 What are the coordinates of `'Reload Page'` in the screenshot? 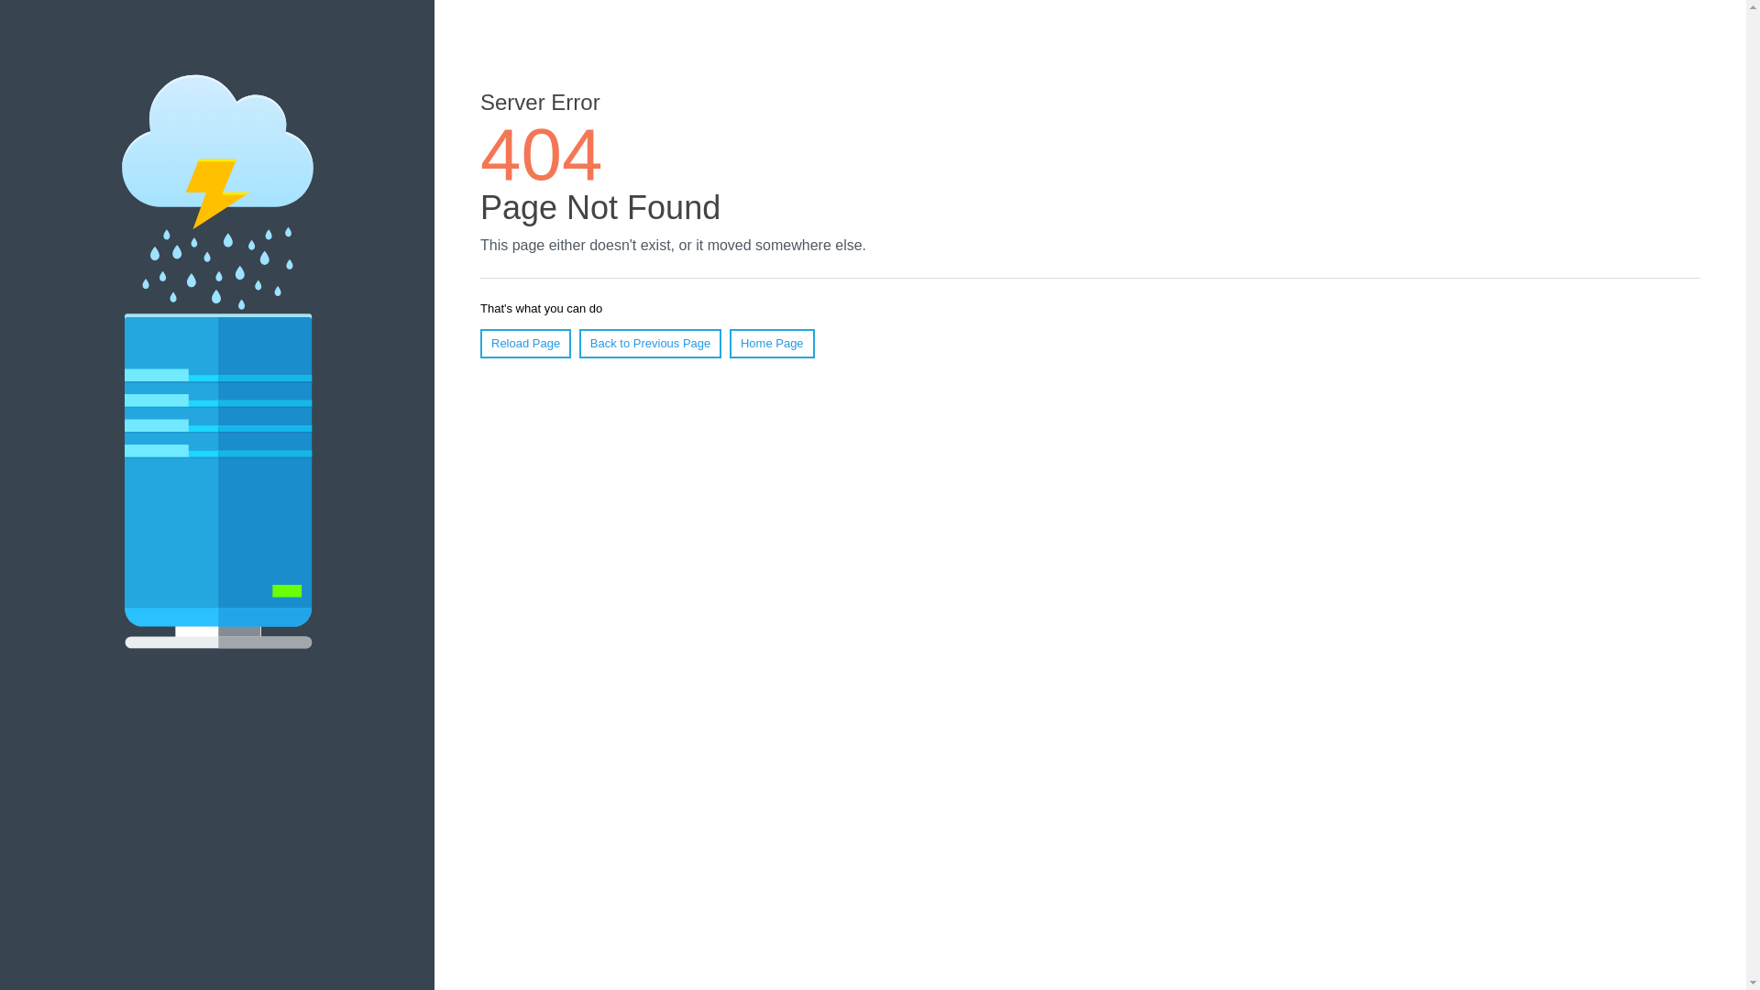 It's located at (524, 343).